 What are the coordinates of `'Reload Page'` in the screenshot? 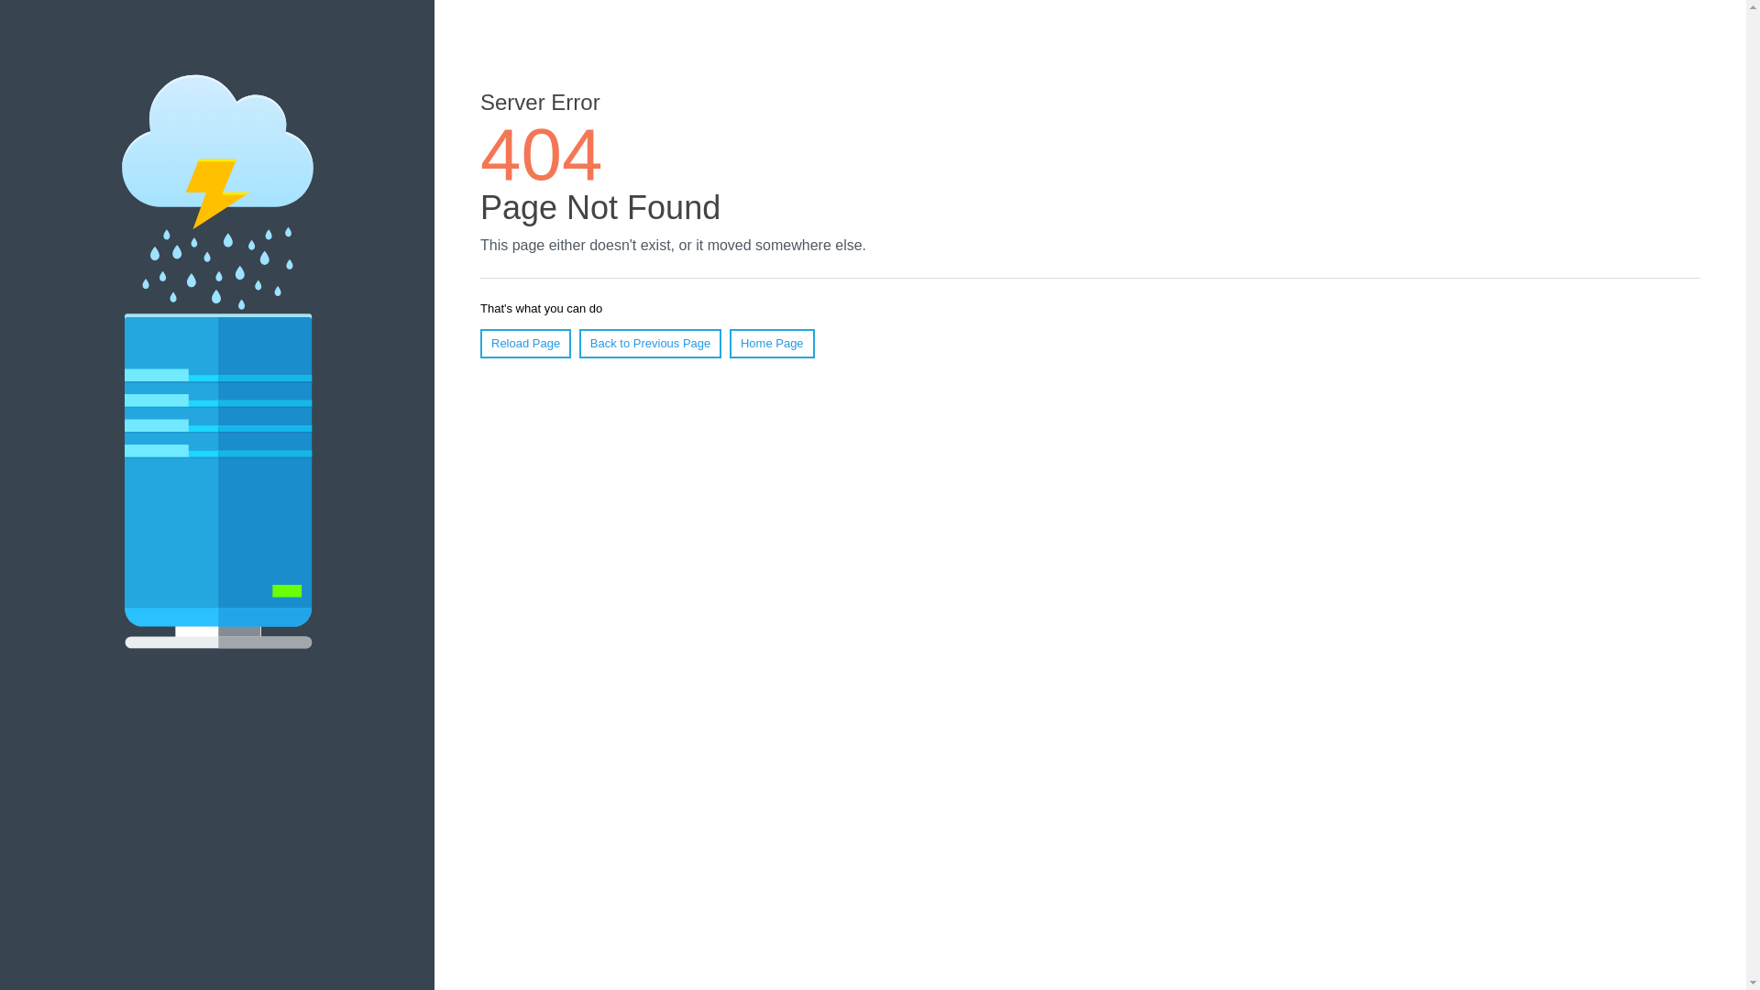 It's located at (524, 343).